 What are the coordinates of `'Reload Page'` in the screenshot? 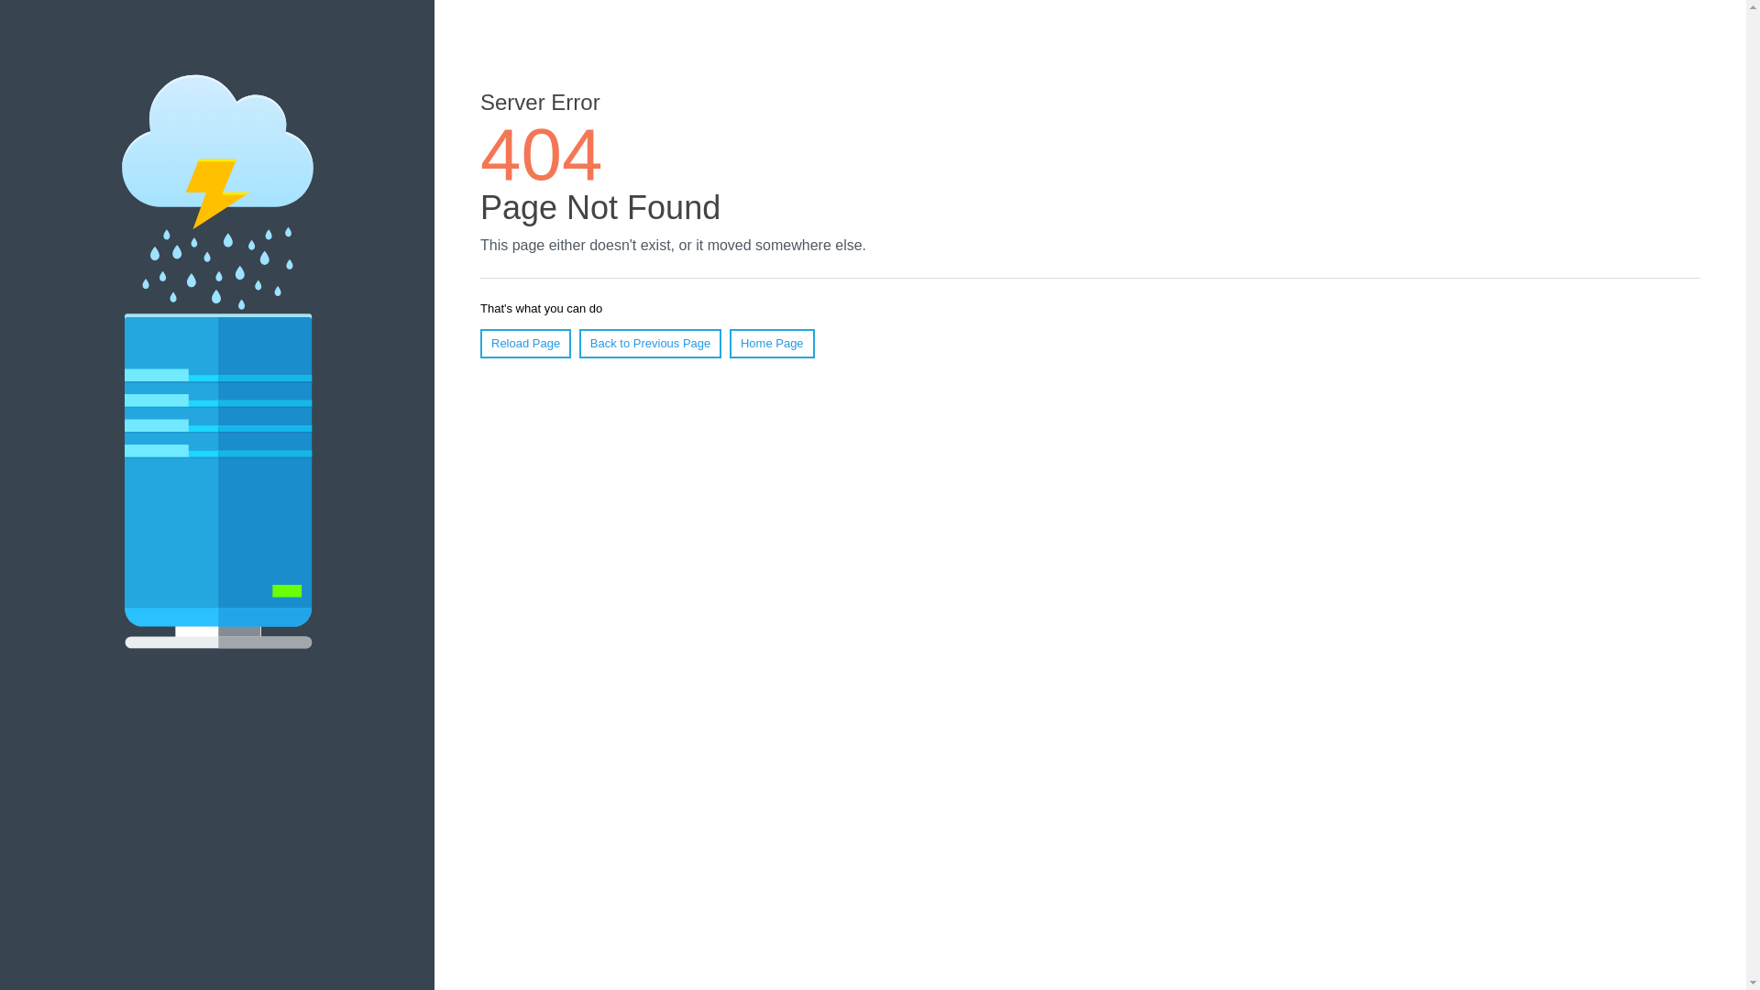 It's located at (524, 343).